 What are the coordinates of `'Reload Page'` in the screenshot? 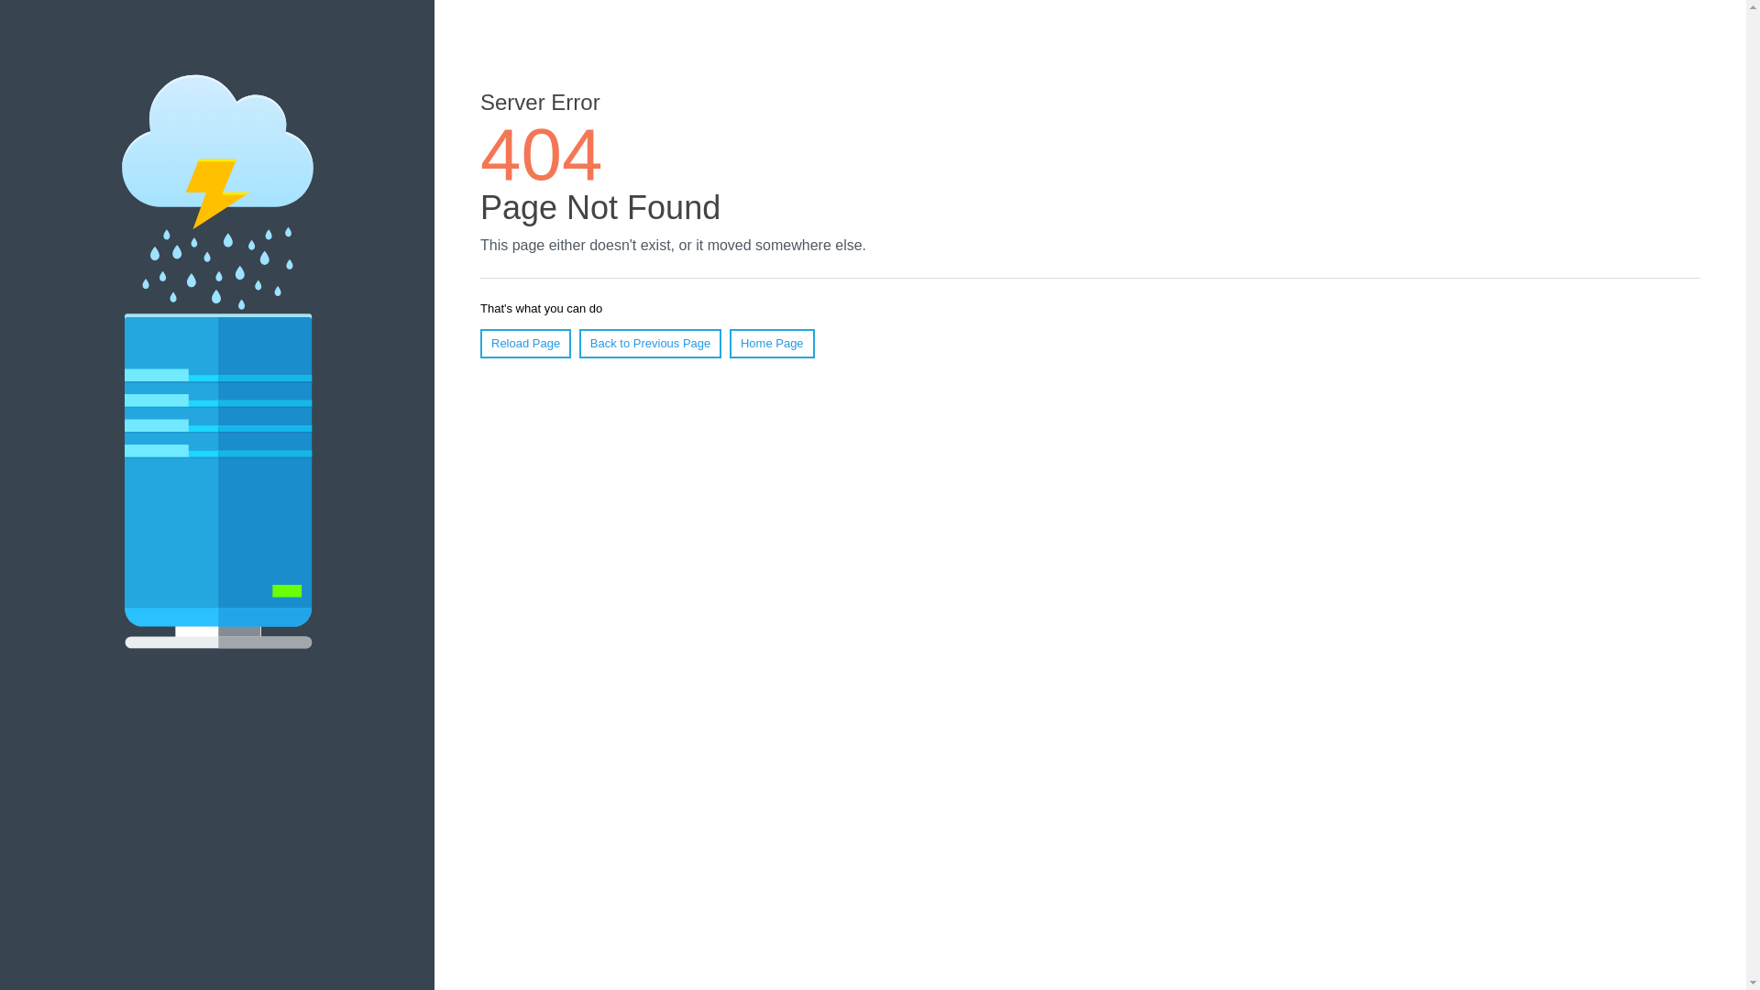 It's located at (524, 343).